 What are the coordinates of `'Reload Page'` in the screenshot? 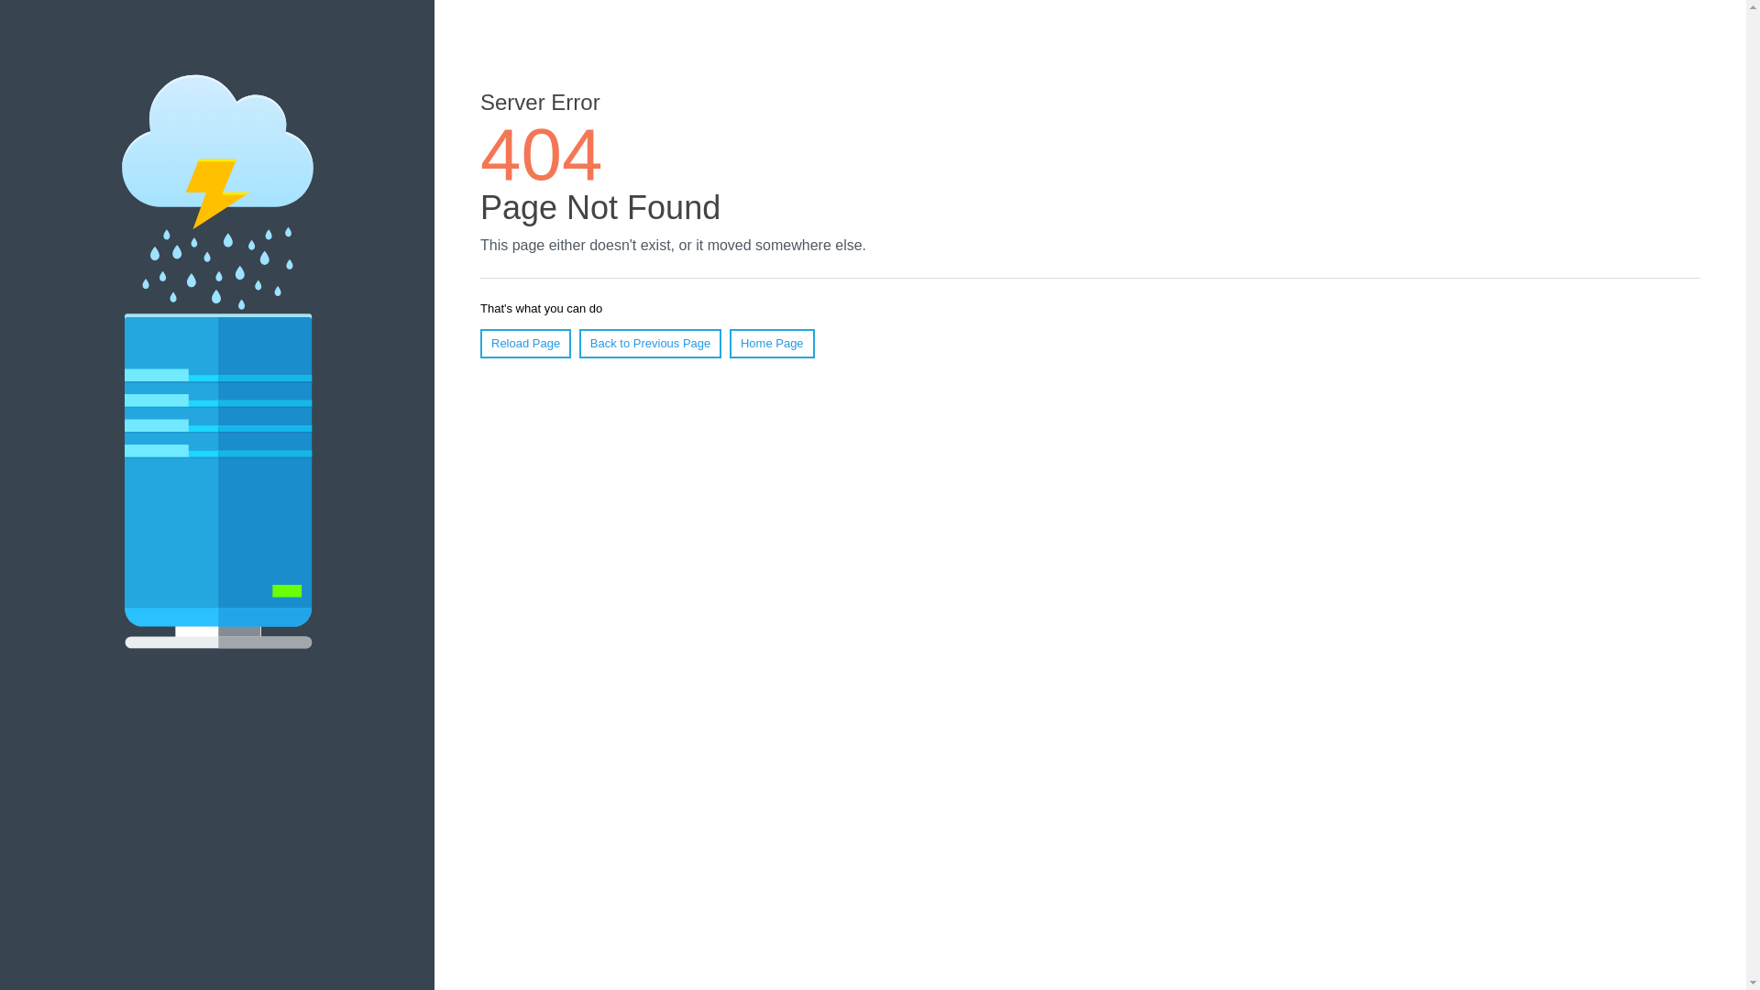 It's located at (524, 343).